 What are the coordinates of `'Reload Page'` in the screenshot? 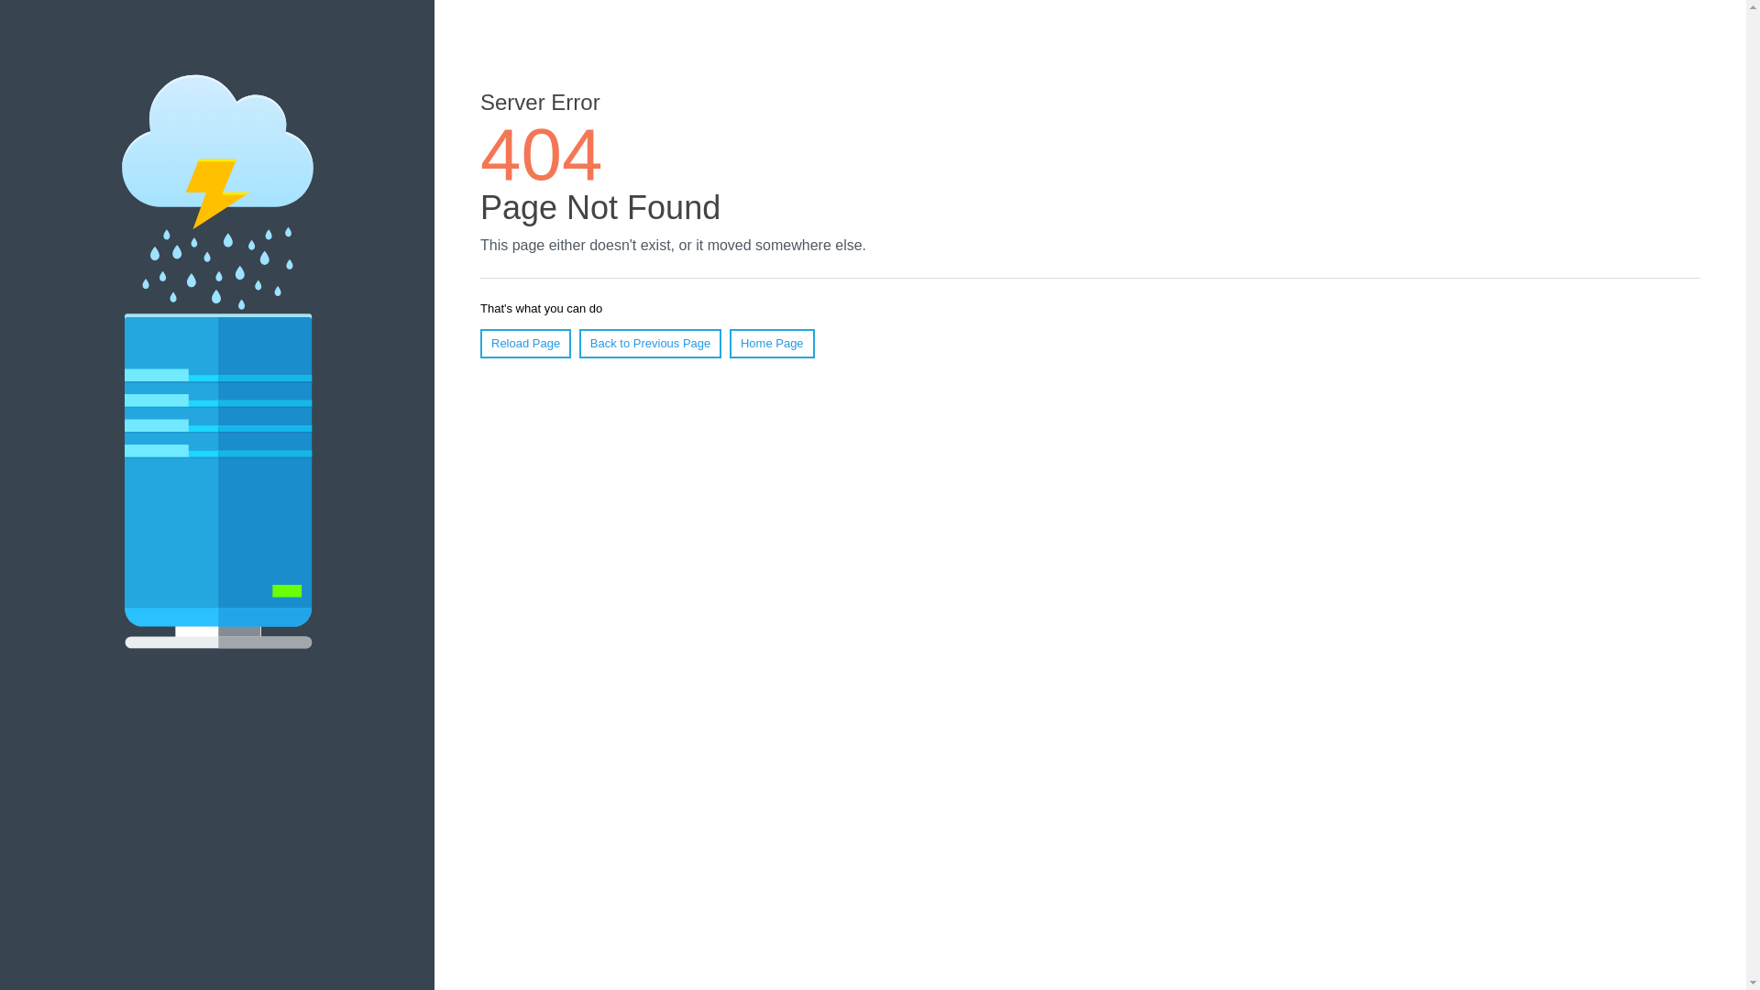 It's located at (524, 343).